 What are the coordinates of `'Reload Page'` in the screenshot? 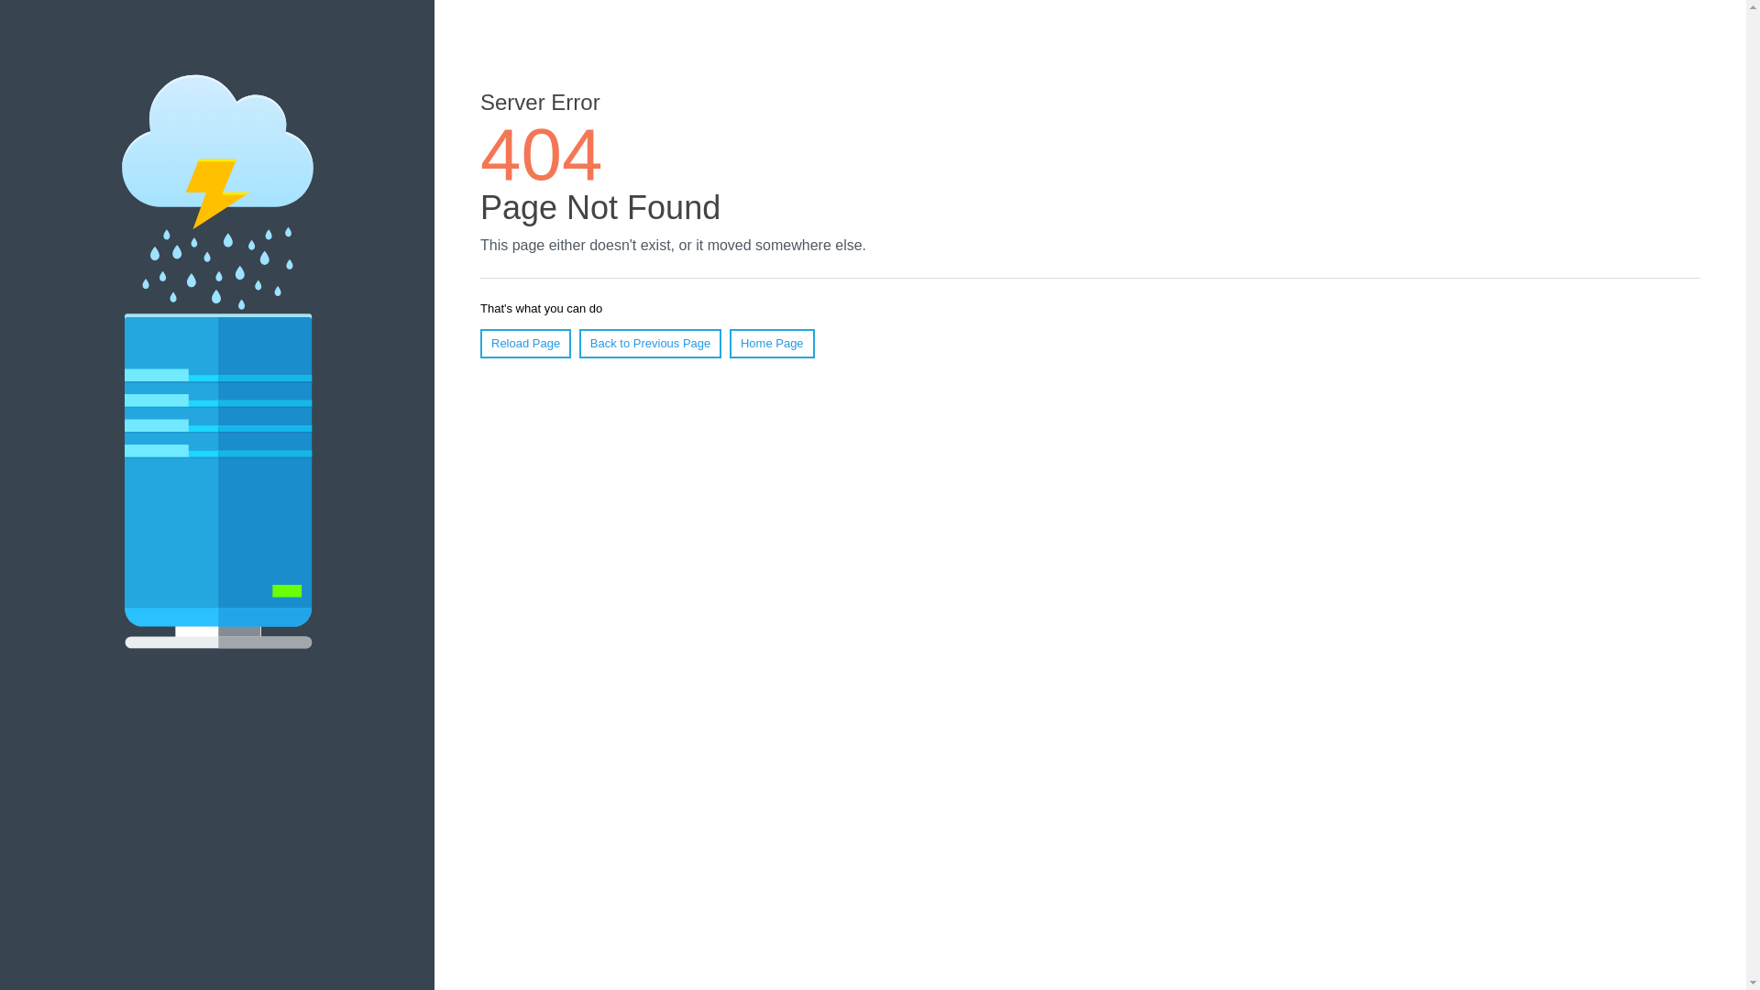 It's located at (524, 343).